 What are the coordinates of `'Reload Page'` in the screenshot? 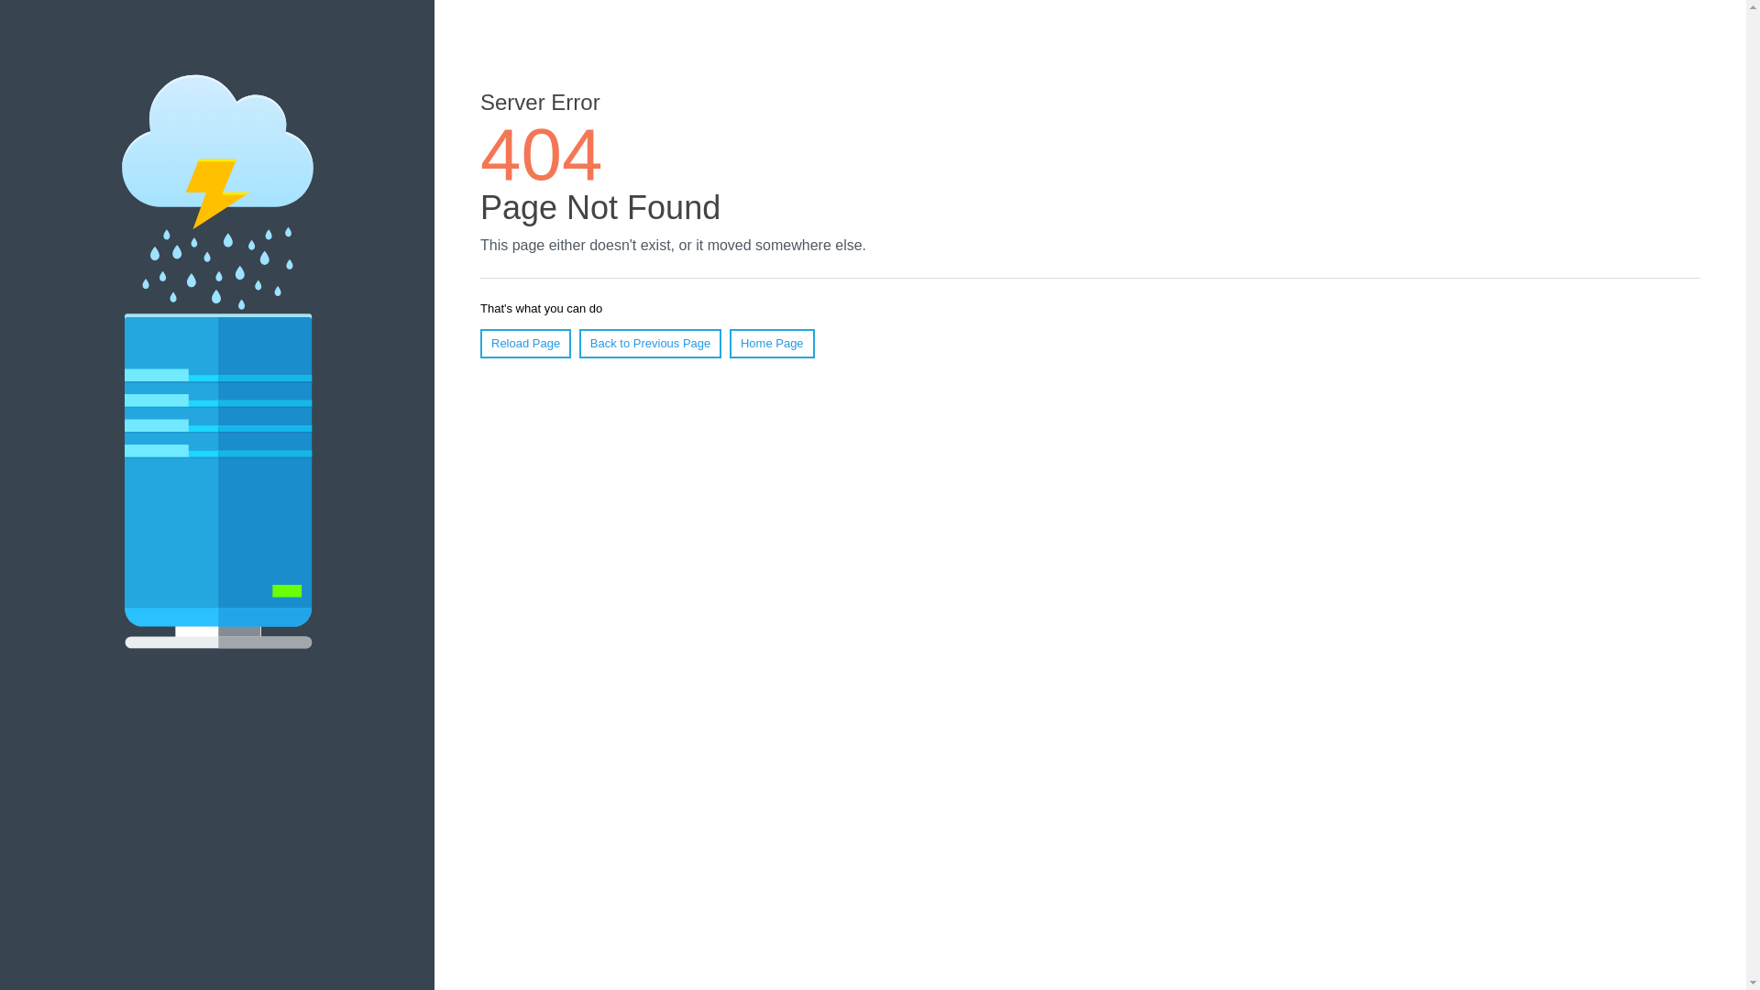 It's located at (524, 343).